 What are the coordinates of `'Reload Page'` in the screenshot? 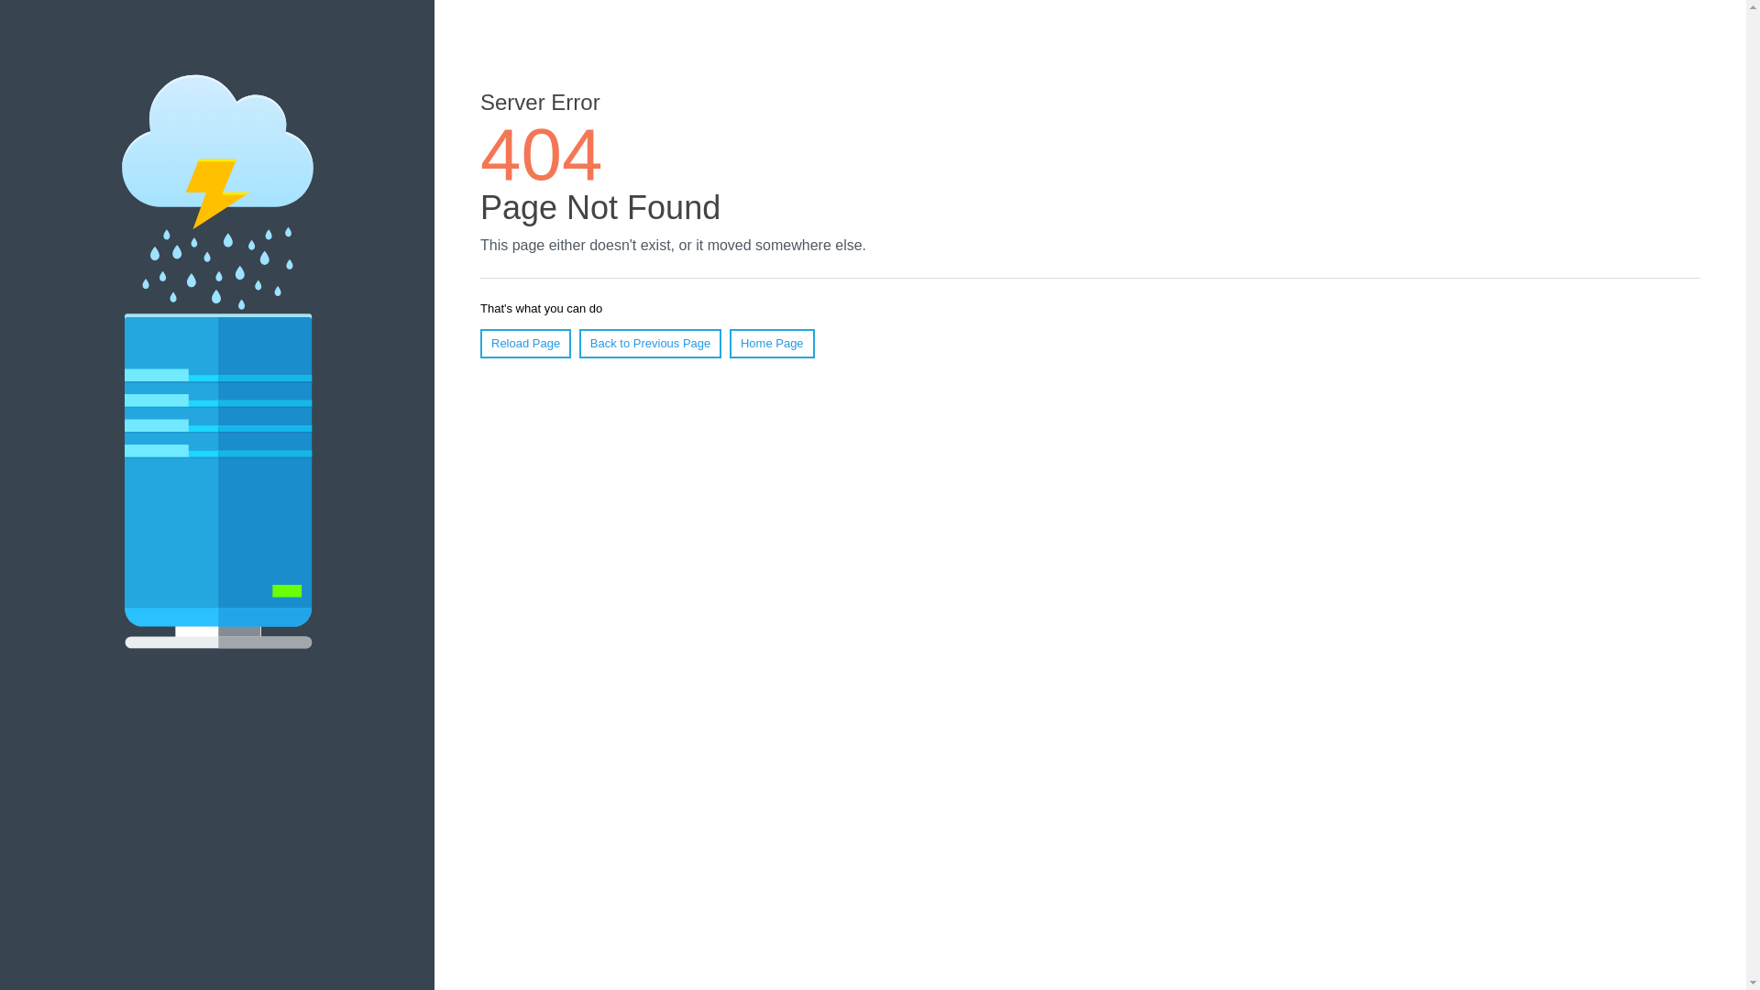 It's located at (524, 343).